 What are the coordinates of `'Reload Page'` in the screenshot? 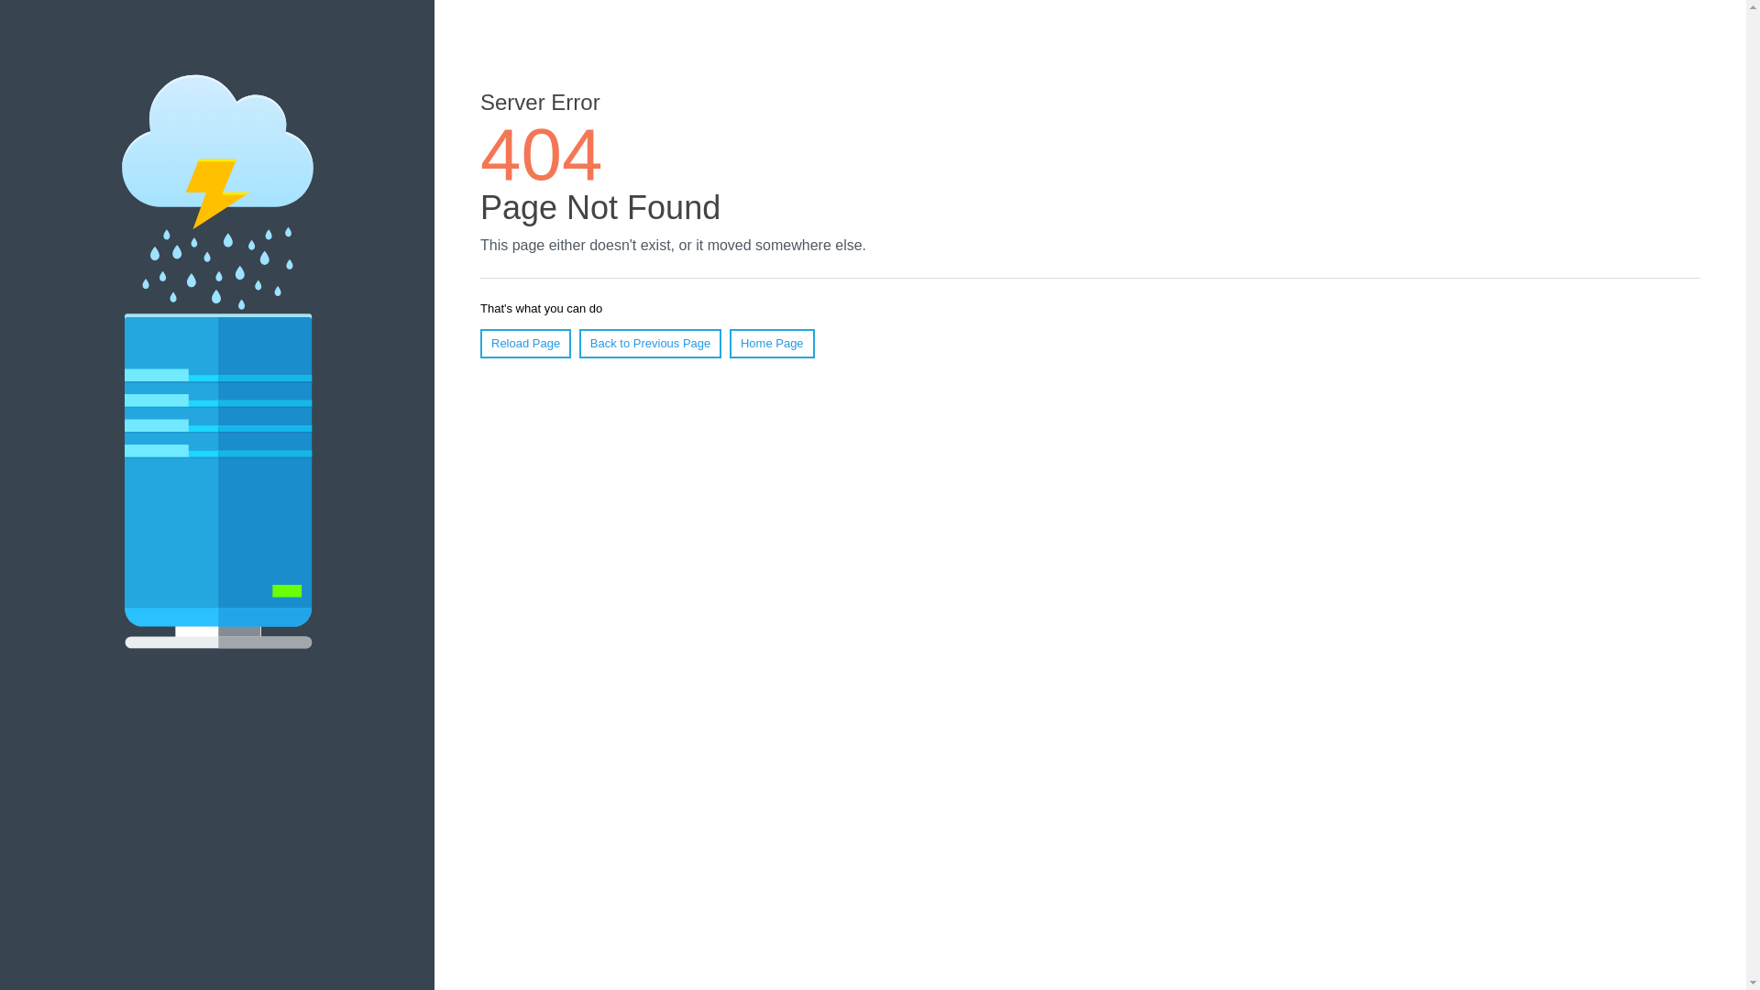 It's located at (524, 343).